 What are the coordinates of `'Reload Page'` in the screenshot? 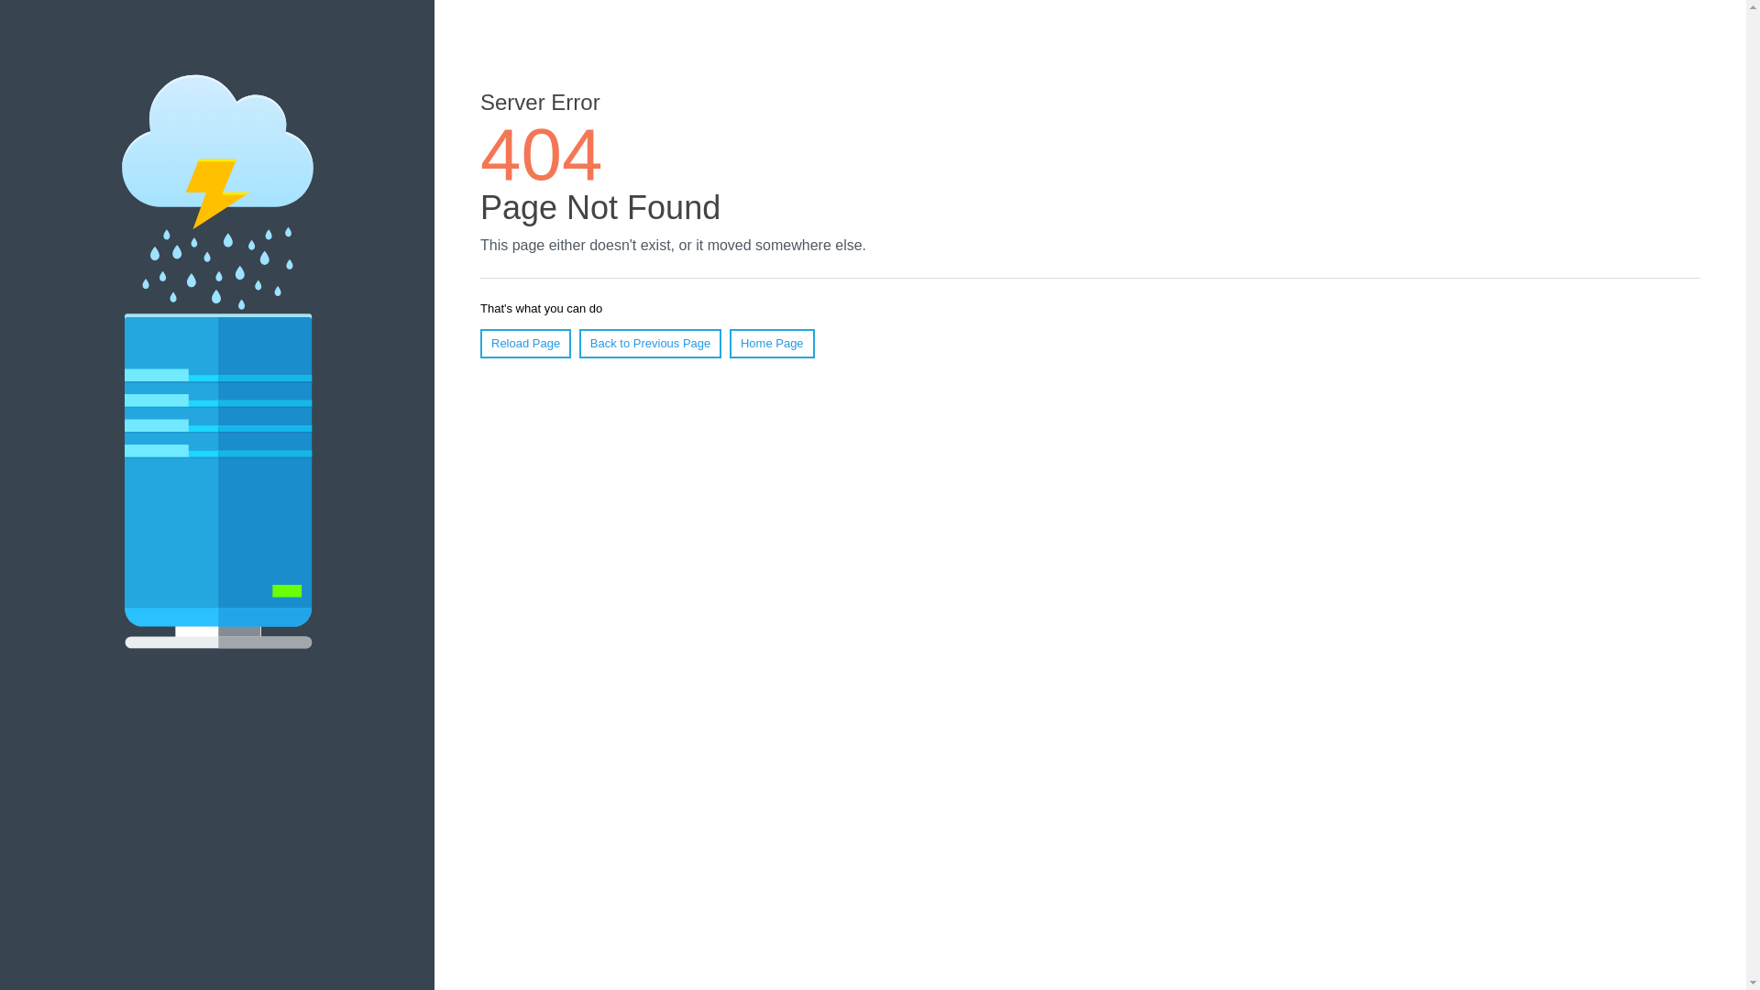 It's located at (524, 343).